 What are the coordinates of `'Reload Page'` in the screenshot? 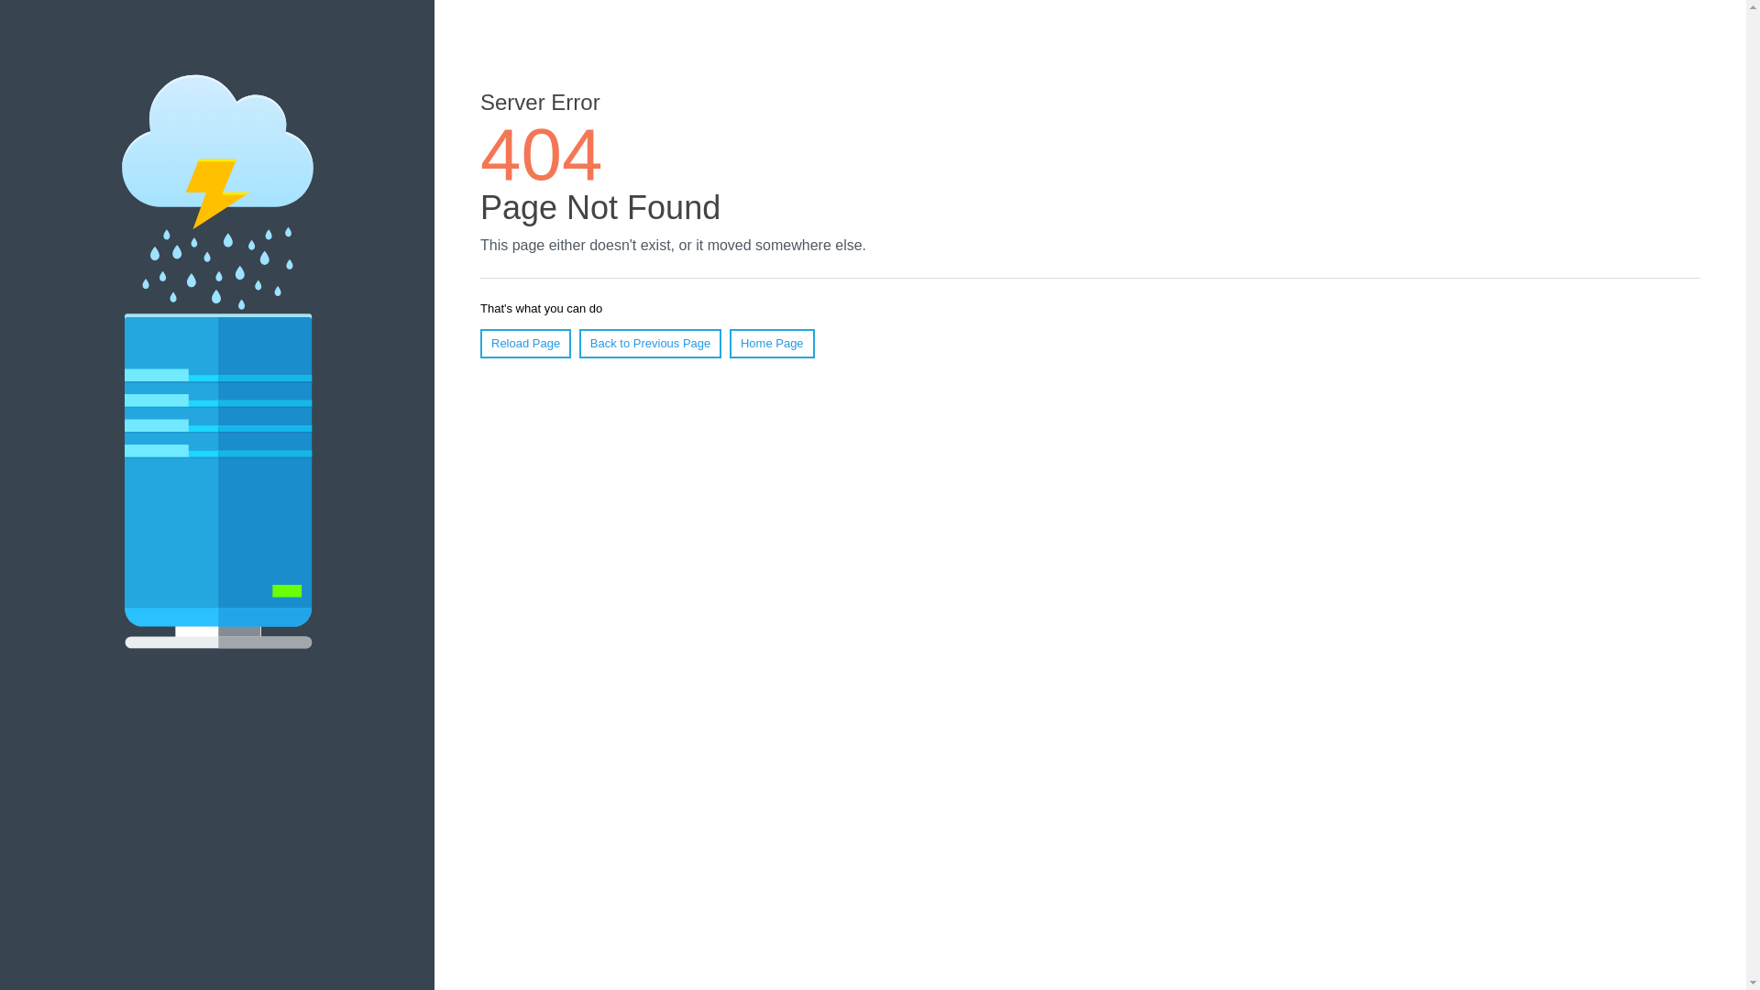 It's located at (524, 343).